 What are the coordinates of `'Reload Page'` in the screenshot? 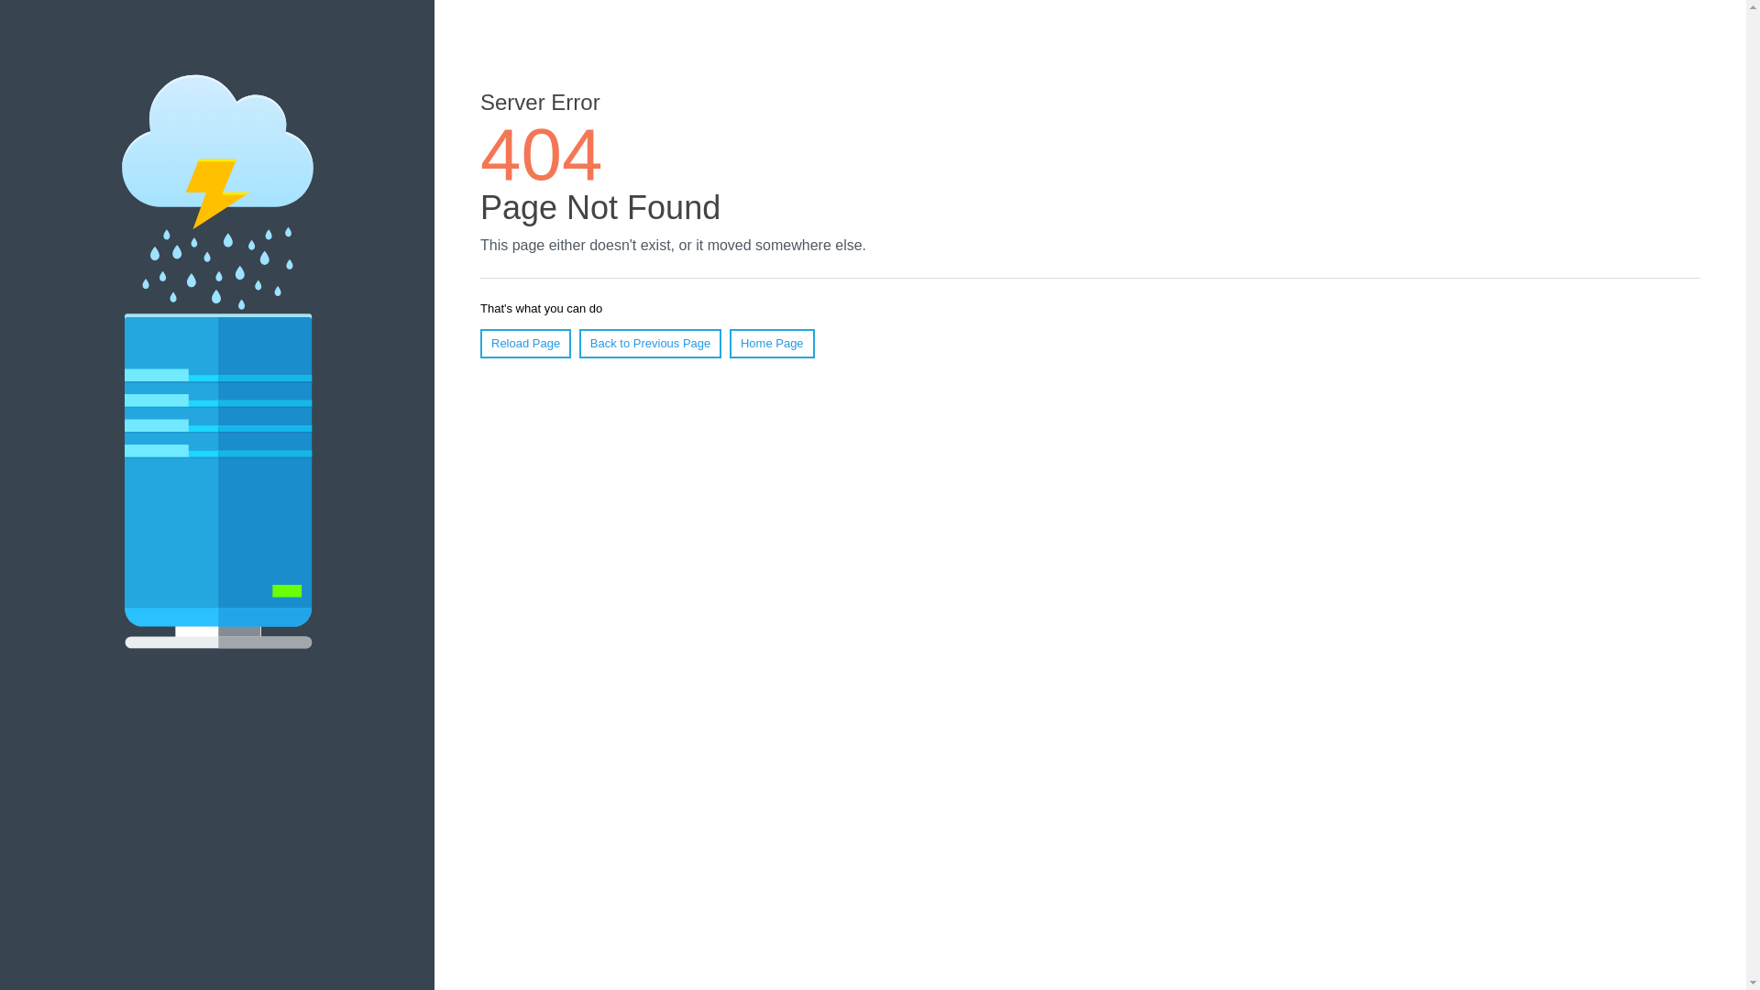 It's located at (524, 343).